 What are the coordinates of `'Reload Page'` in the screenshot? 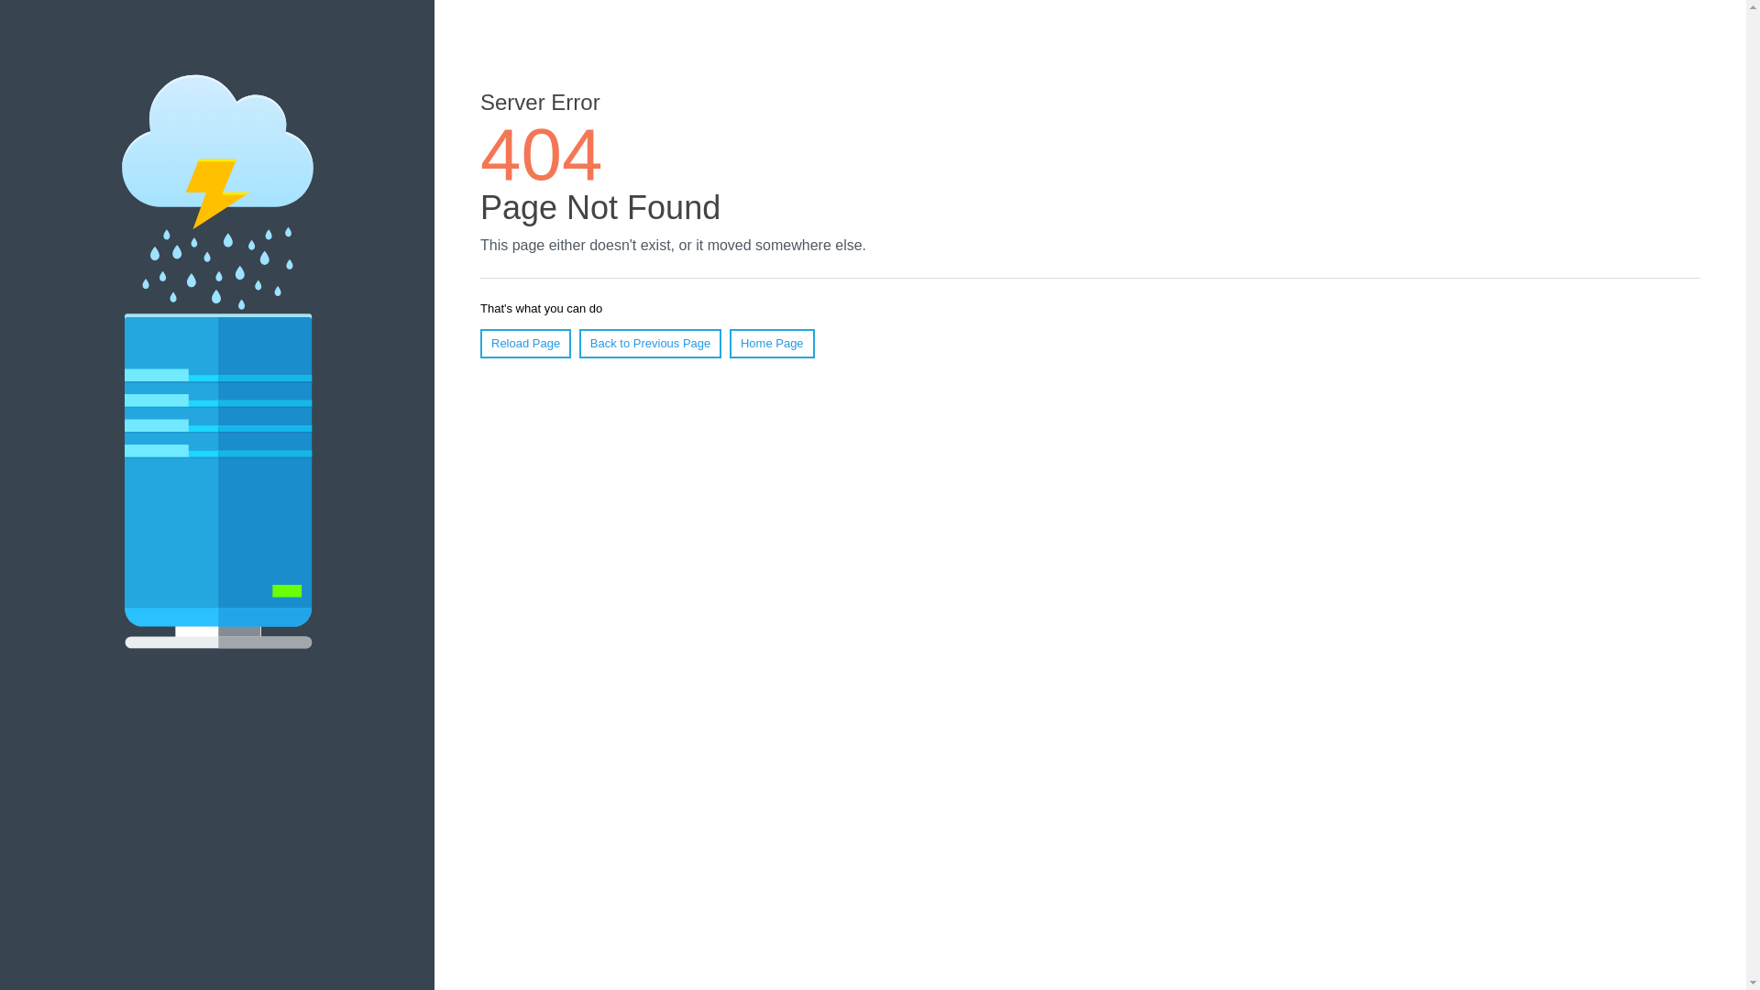 It's located at (524, 343).